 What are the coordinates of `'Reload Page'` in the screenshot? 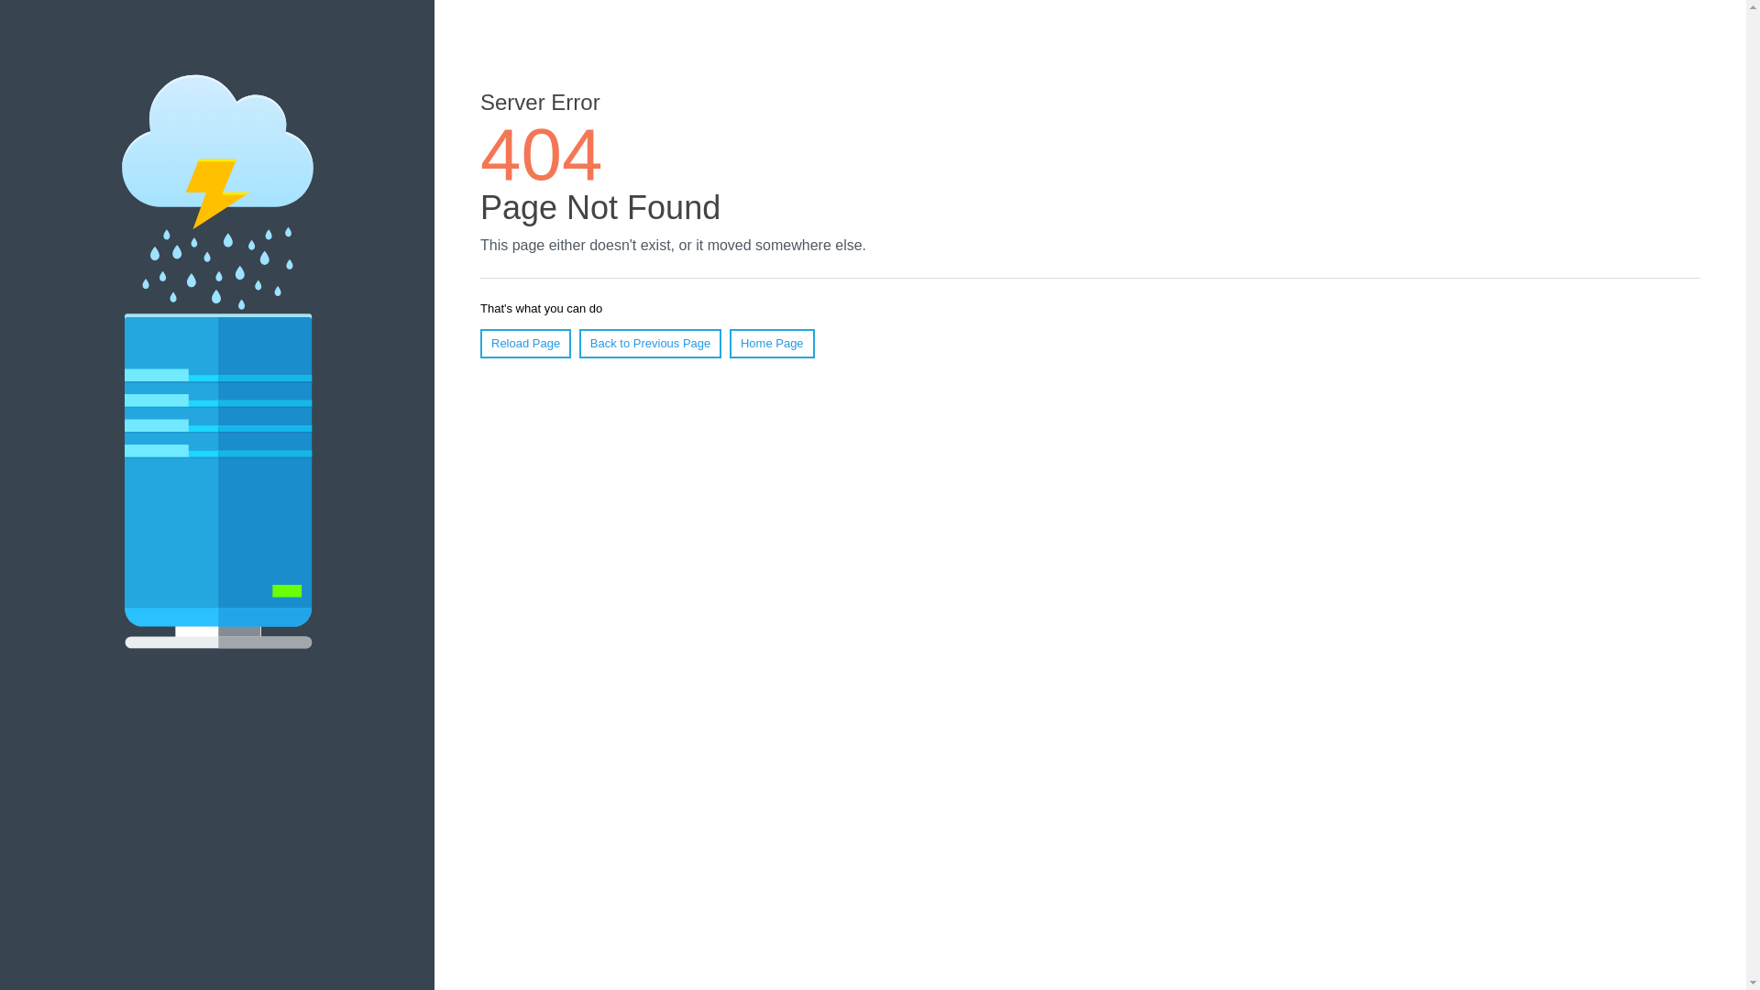 It's located at (524, 343).